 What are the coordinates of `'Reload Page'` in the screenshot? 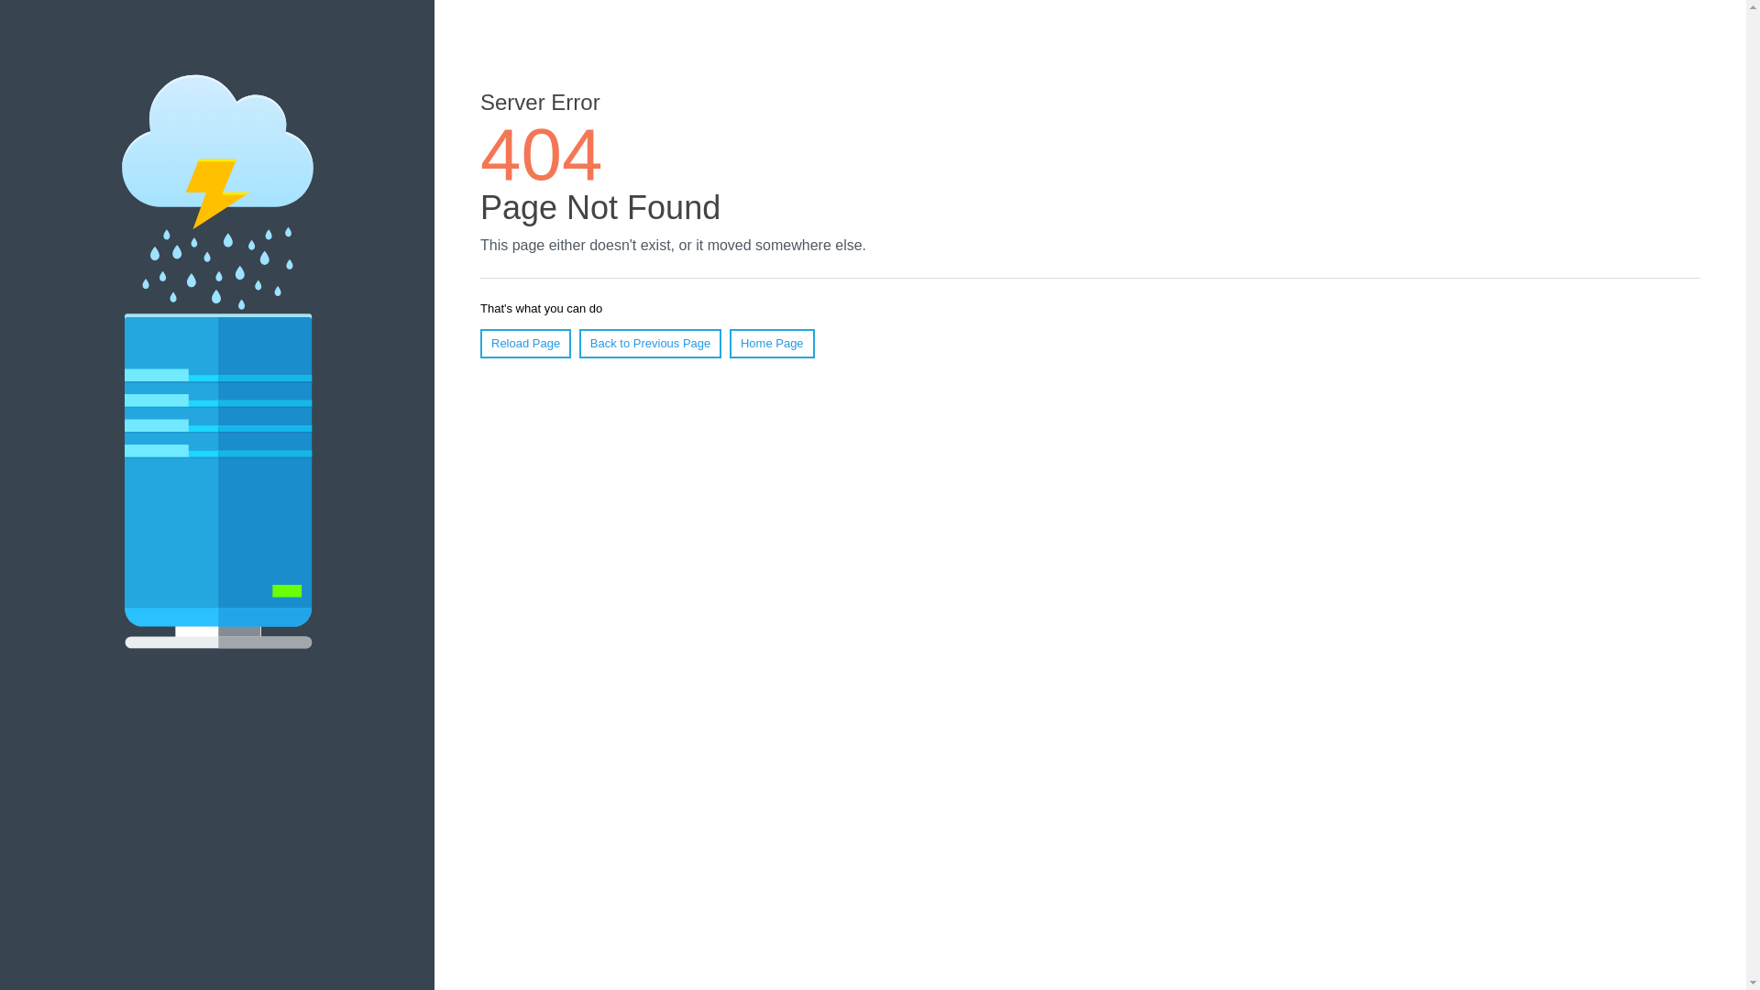 It's located at (524, 343).